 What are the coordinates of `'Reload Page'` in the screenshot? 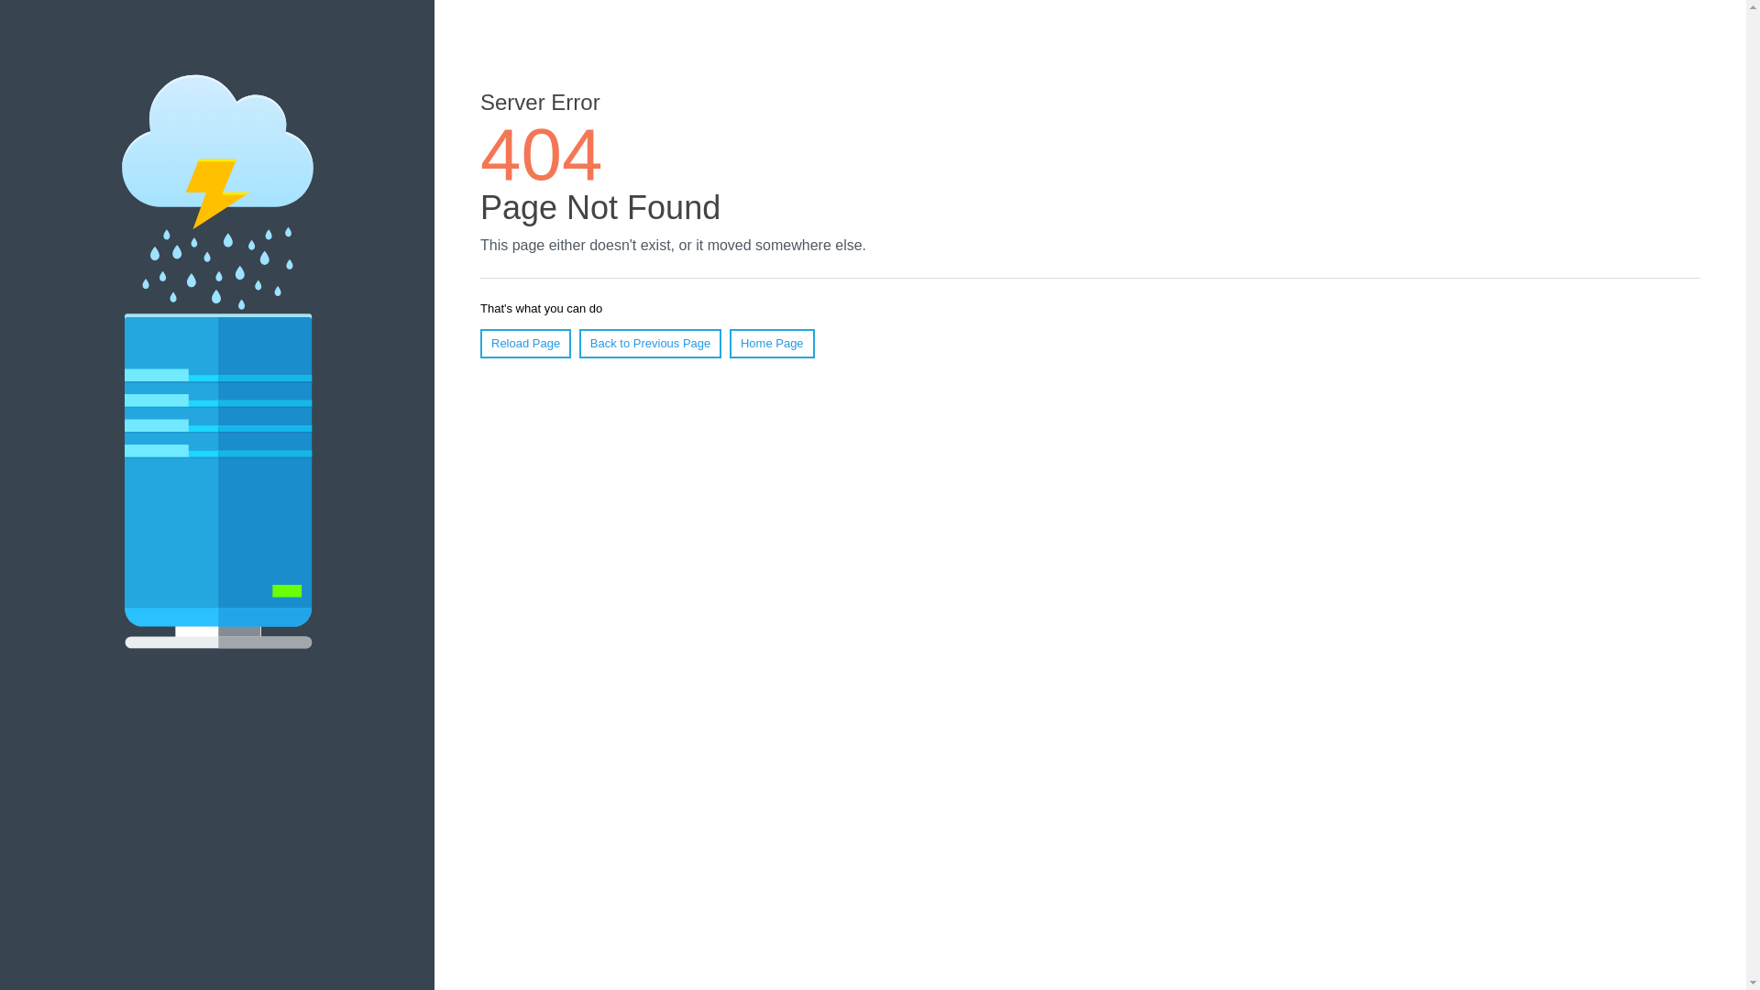 It's located at (524, 343).